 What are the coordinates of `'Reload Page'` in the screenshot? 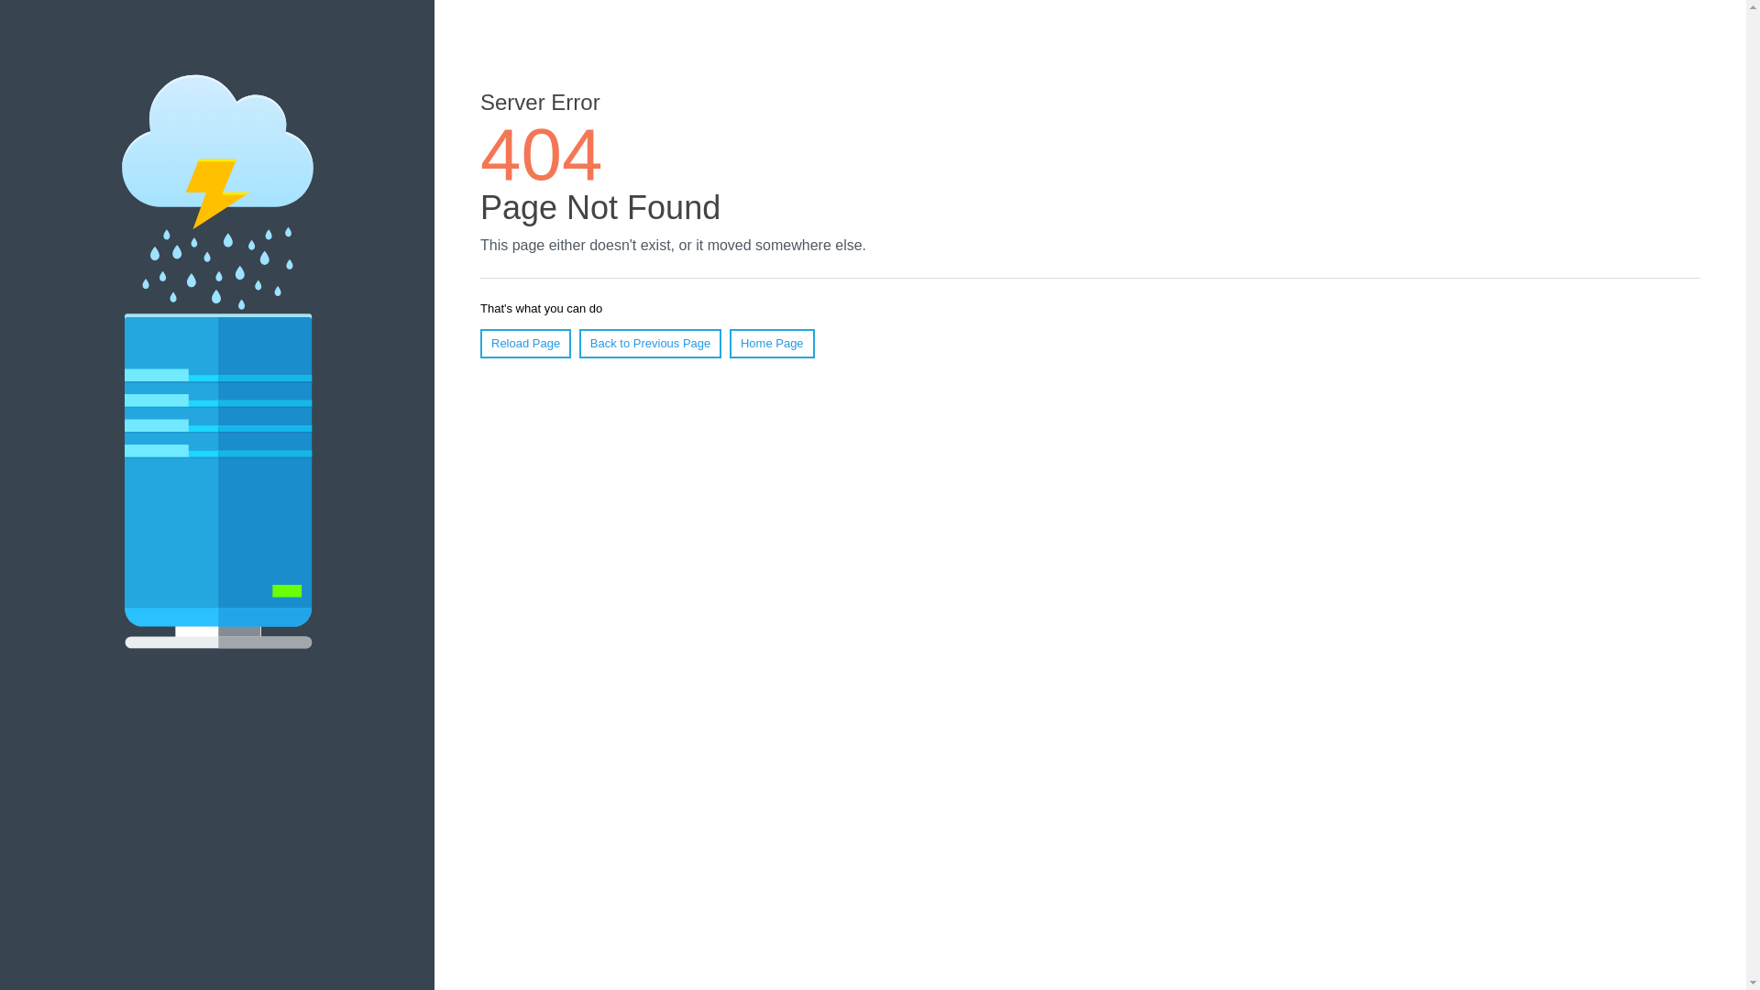 It's located at (524, 343).